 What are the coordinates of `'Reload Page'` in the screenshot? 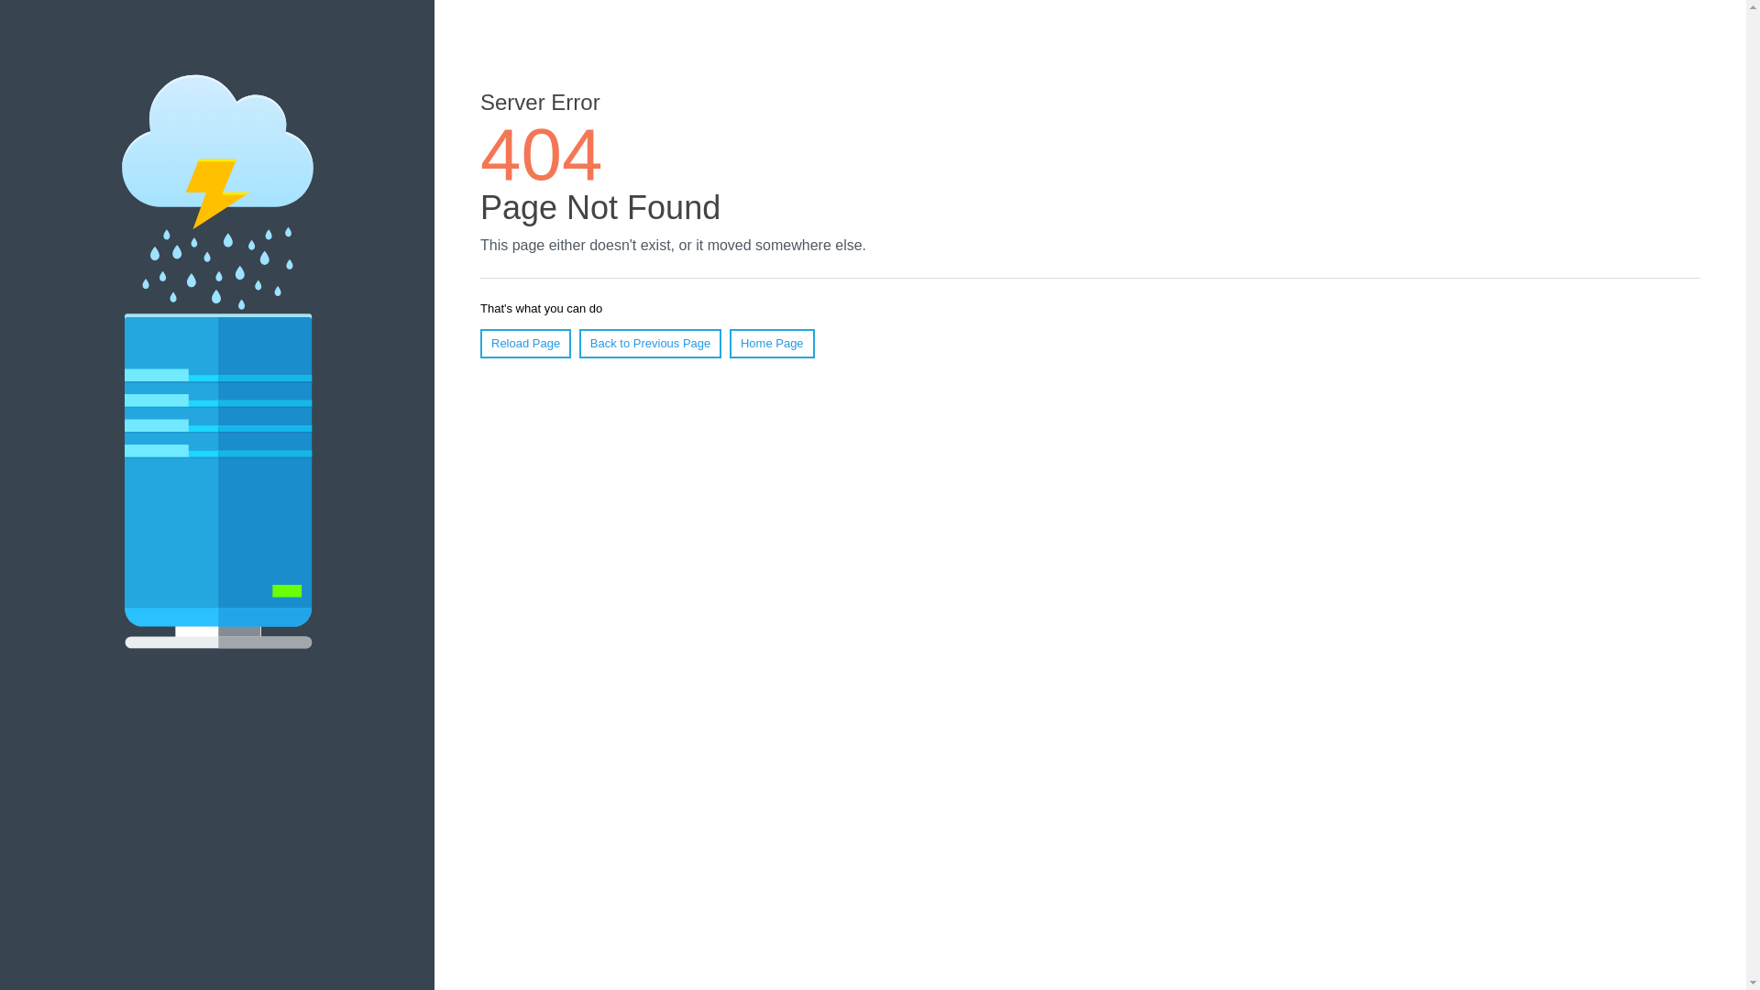 It's located at (524, 343).